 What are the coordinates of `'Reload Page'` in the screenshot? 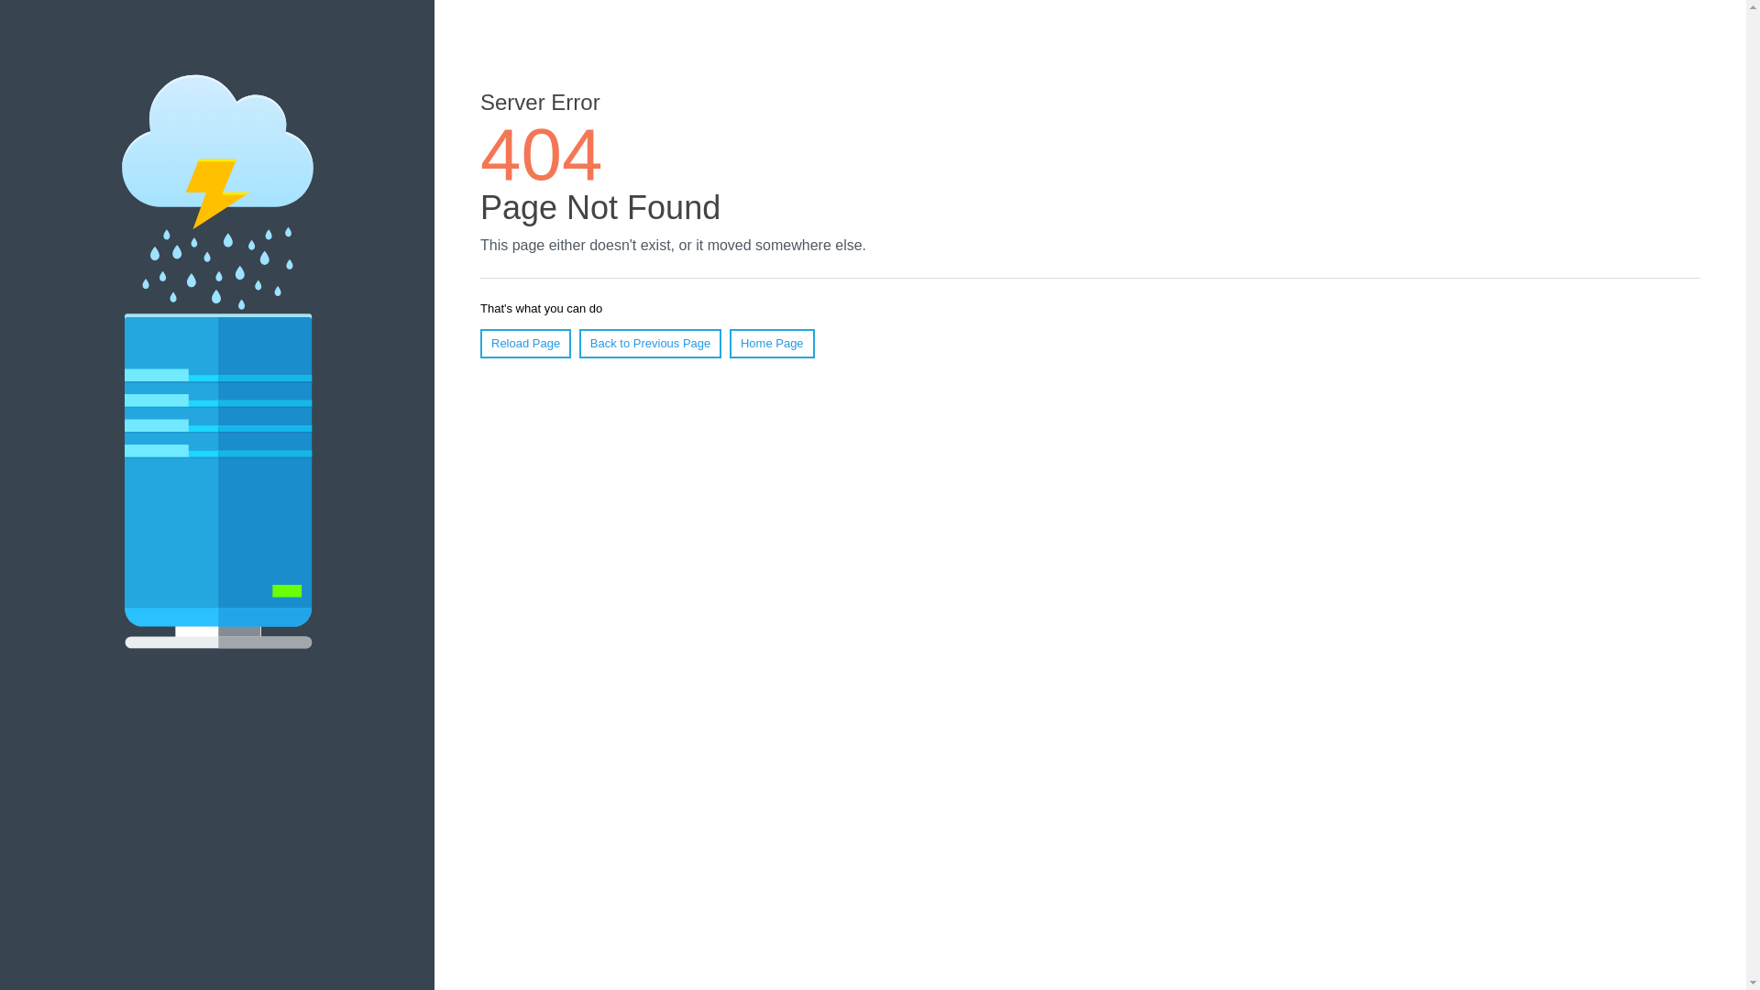 It's located at (524, 343).